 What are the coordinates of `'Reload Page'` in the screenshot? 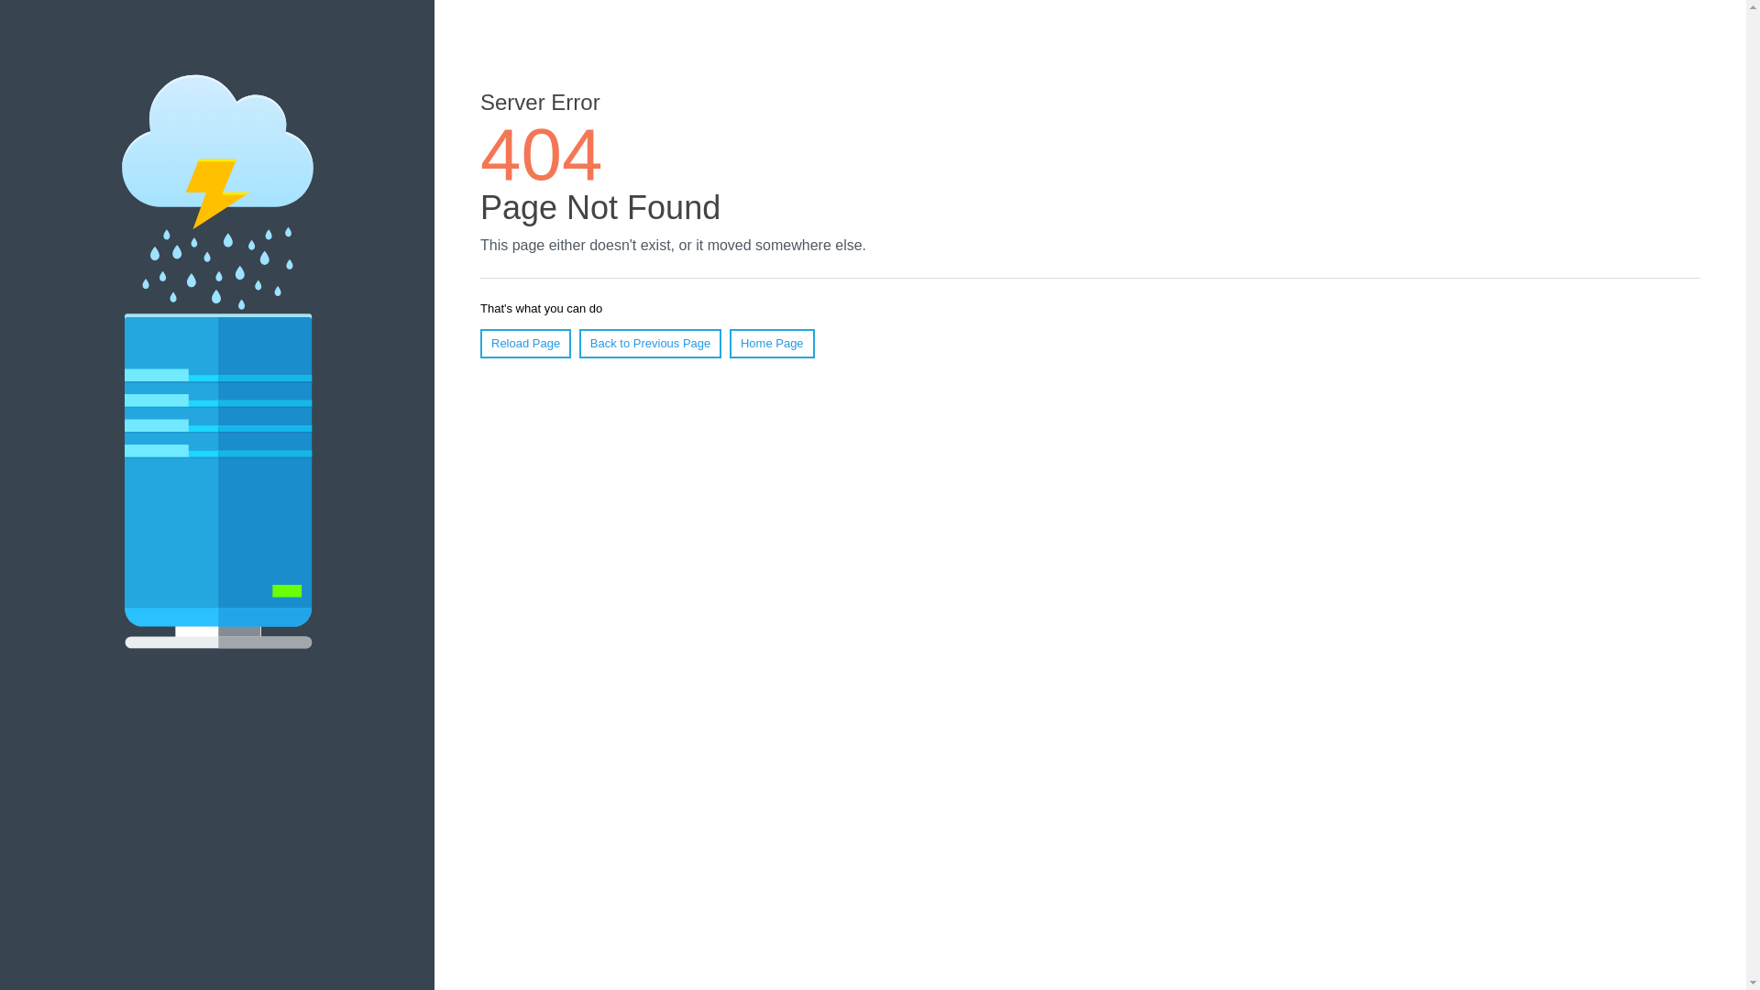 It's located at (524, 343).